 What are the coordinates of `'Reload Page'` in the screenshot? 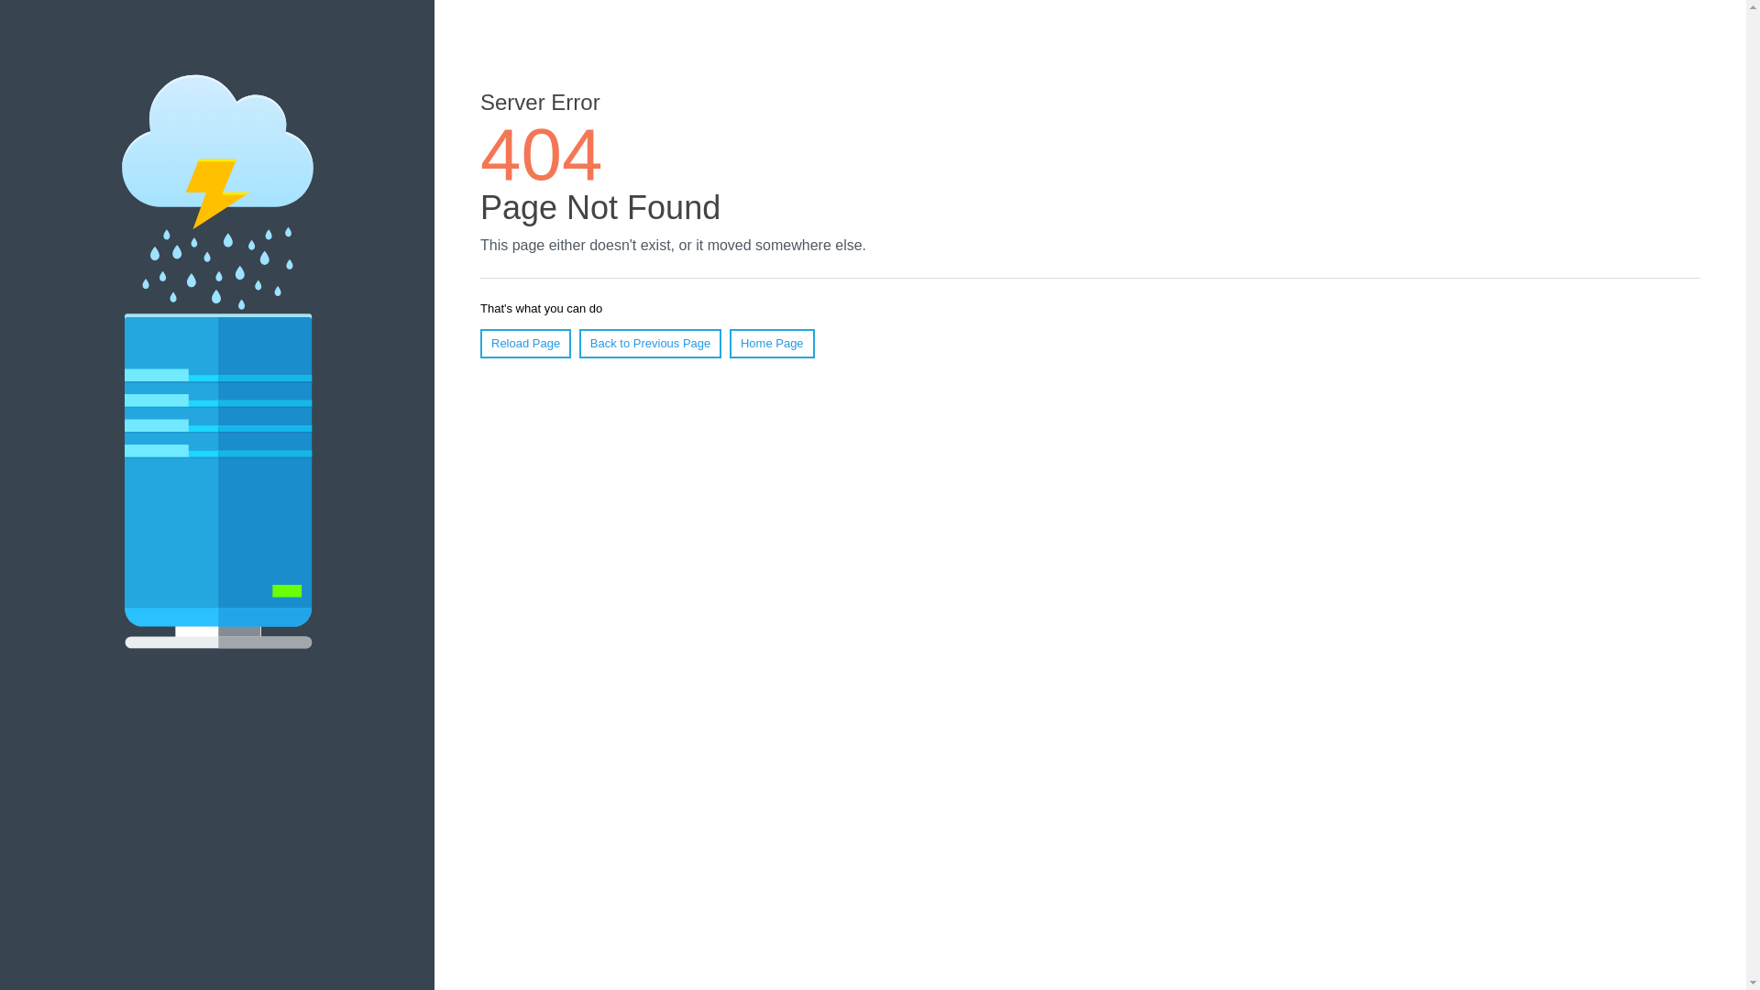 It's located at (524, 343).